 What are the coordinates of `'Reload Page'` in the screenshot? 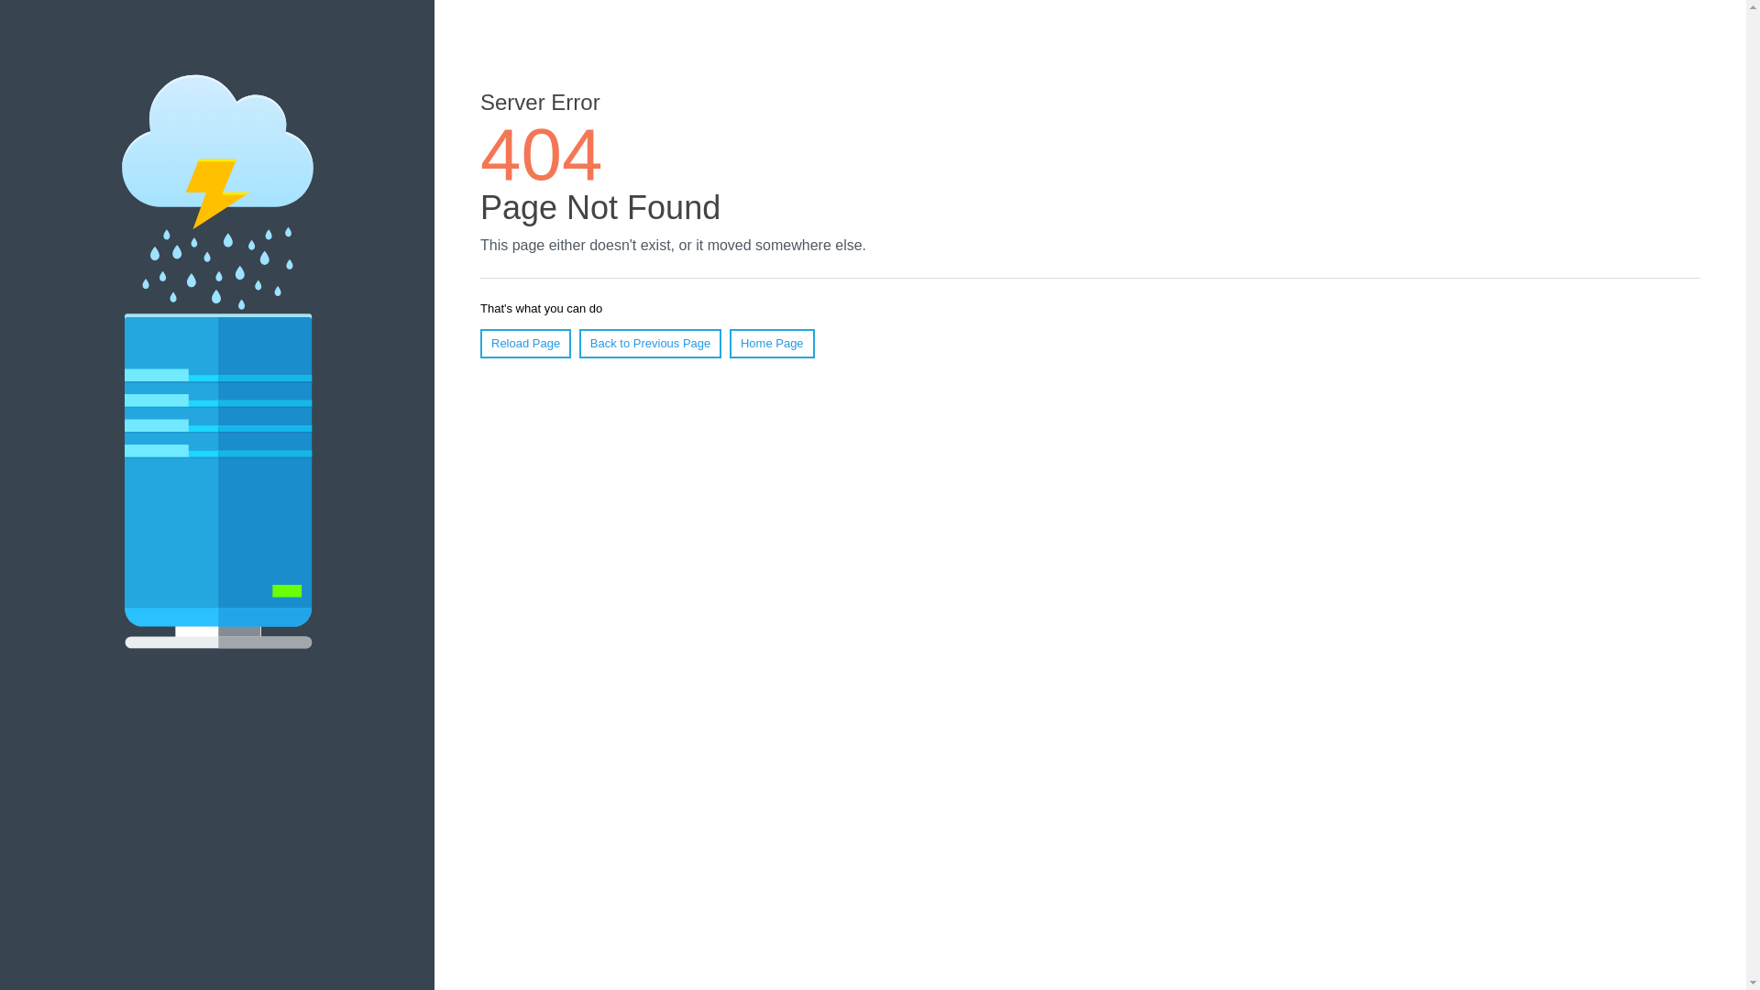 It's located at (524, 343).